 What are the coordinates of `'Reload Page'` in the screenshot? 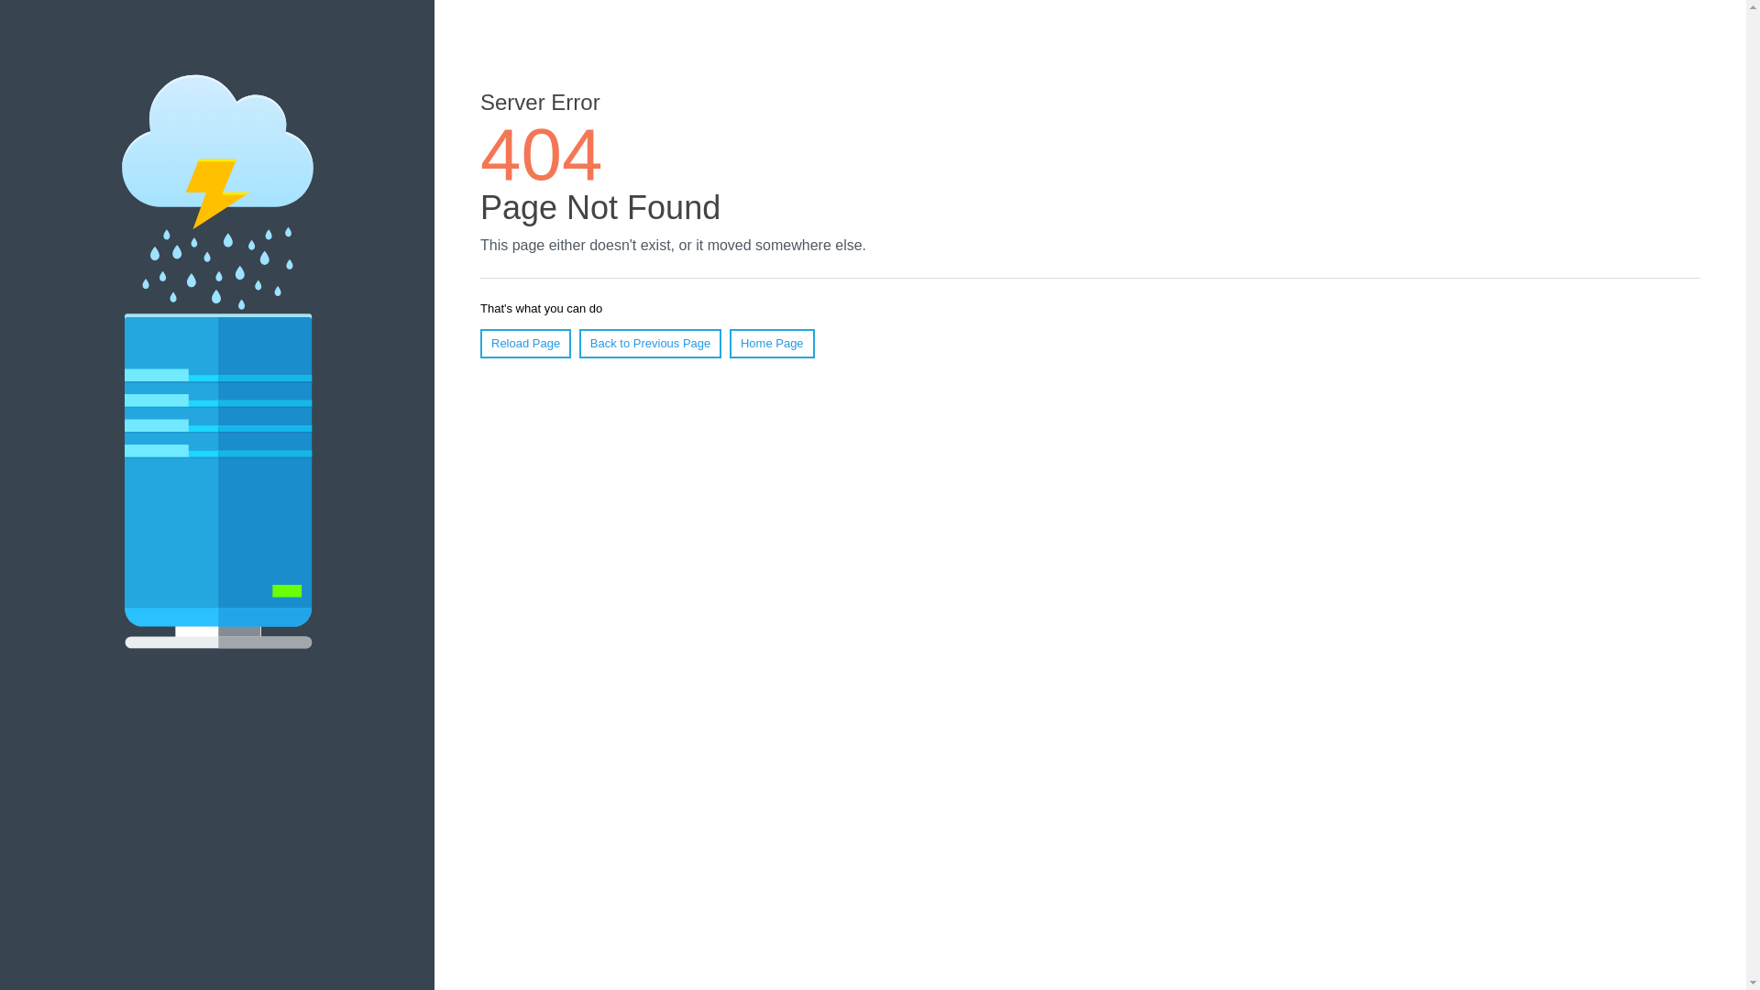 It's located at (524, 343).